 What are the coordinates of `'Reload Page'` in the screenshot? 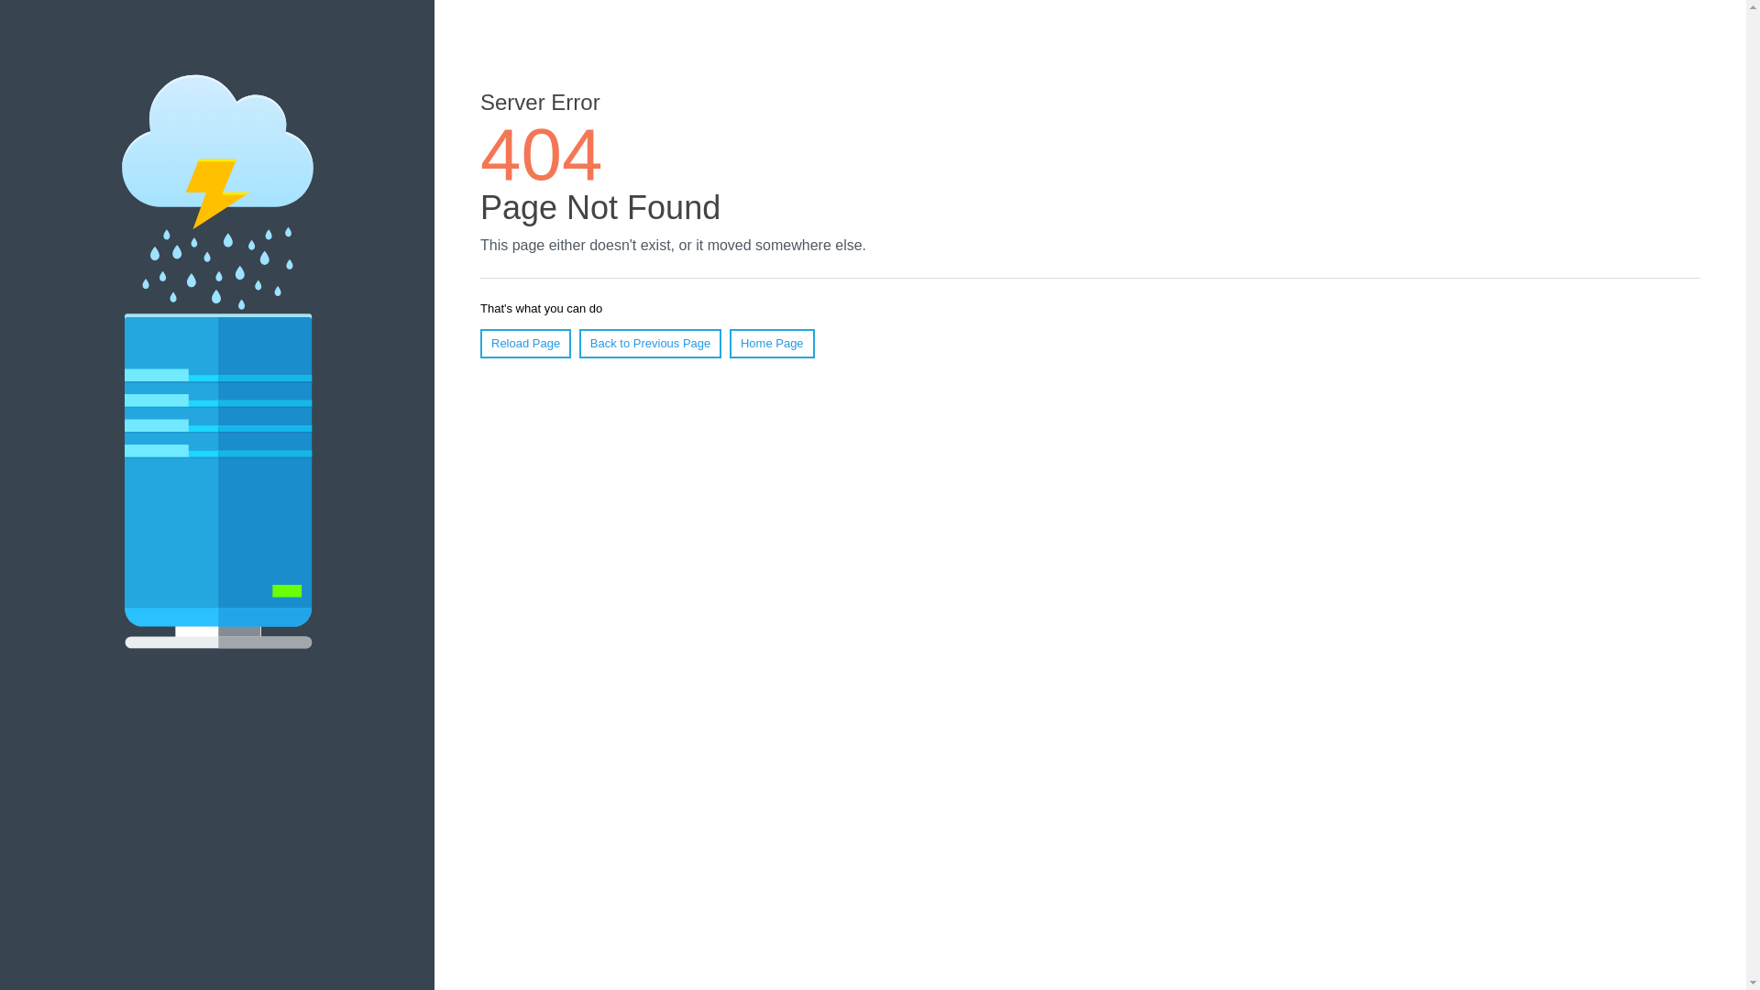 It's located at (524, 343).